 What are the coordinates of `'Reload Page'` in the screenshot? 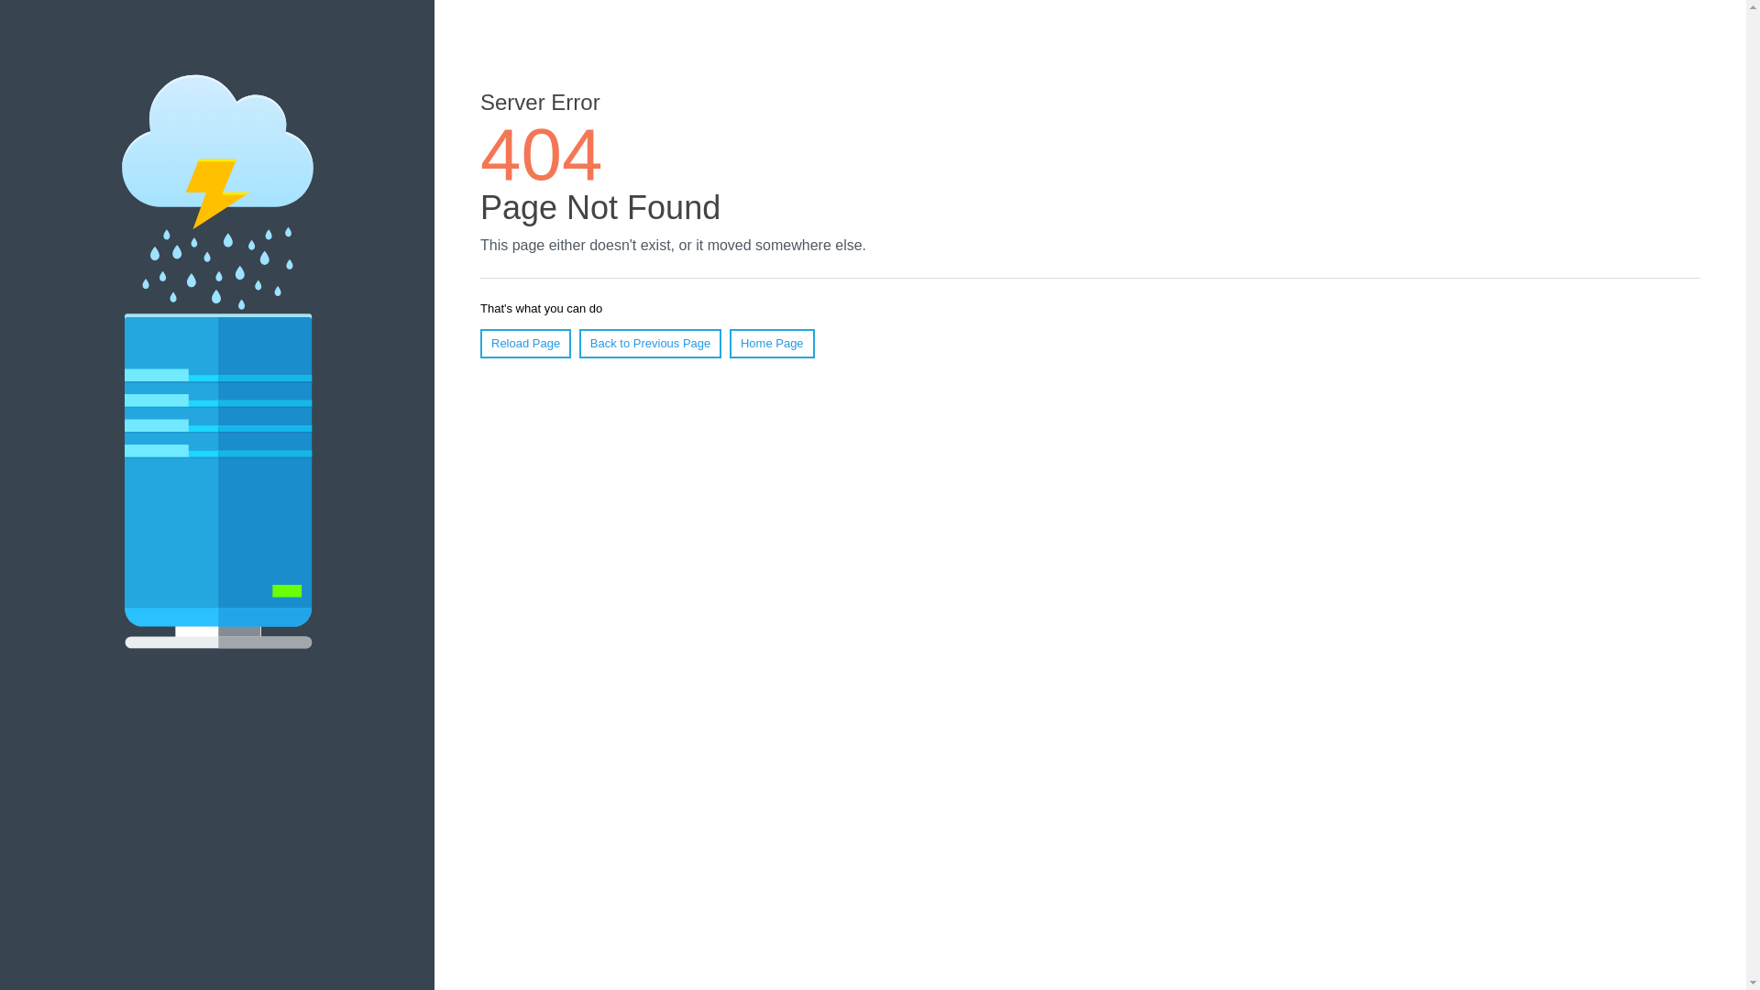 It's located at (524, 343).